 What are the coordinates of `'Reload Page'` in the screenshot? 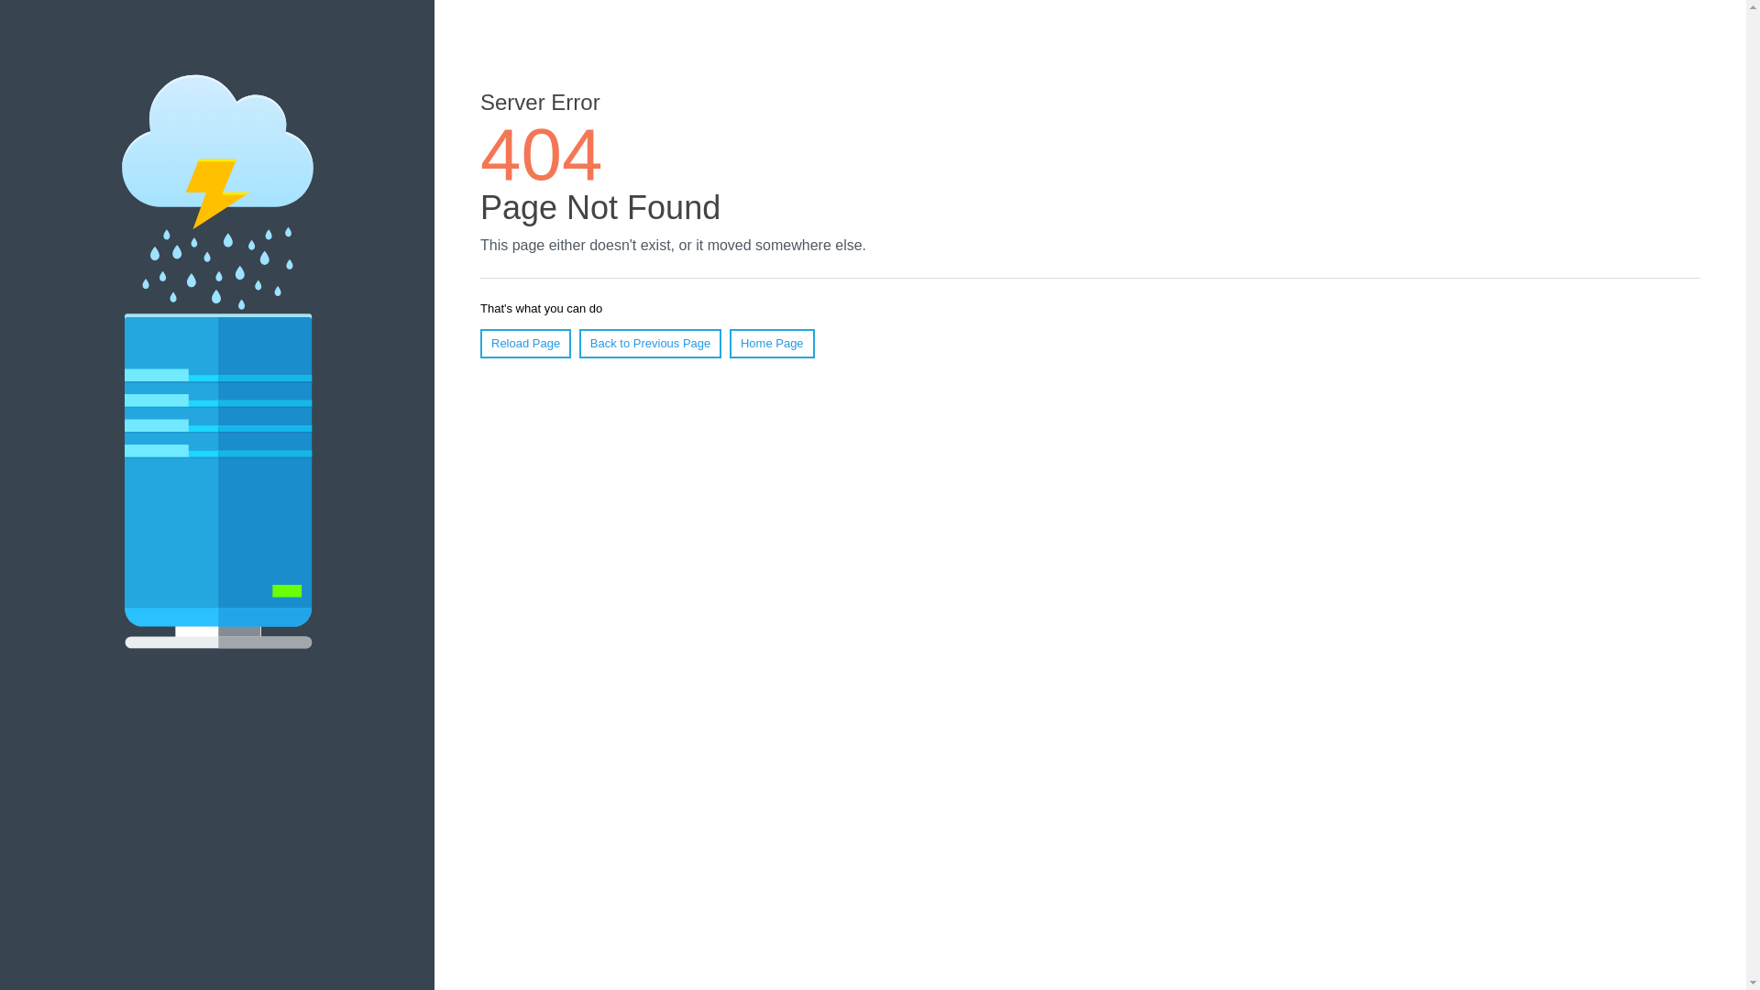 It's located at (524, 343).